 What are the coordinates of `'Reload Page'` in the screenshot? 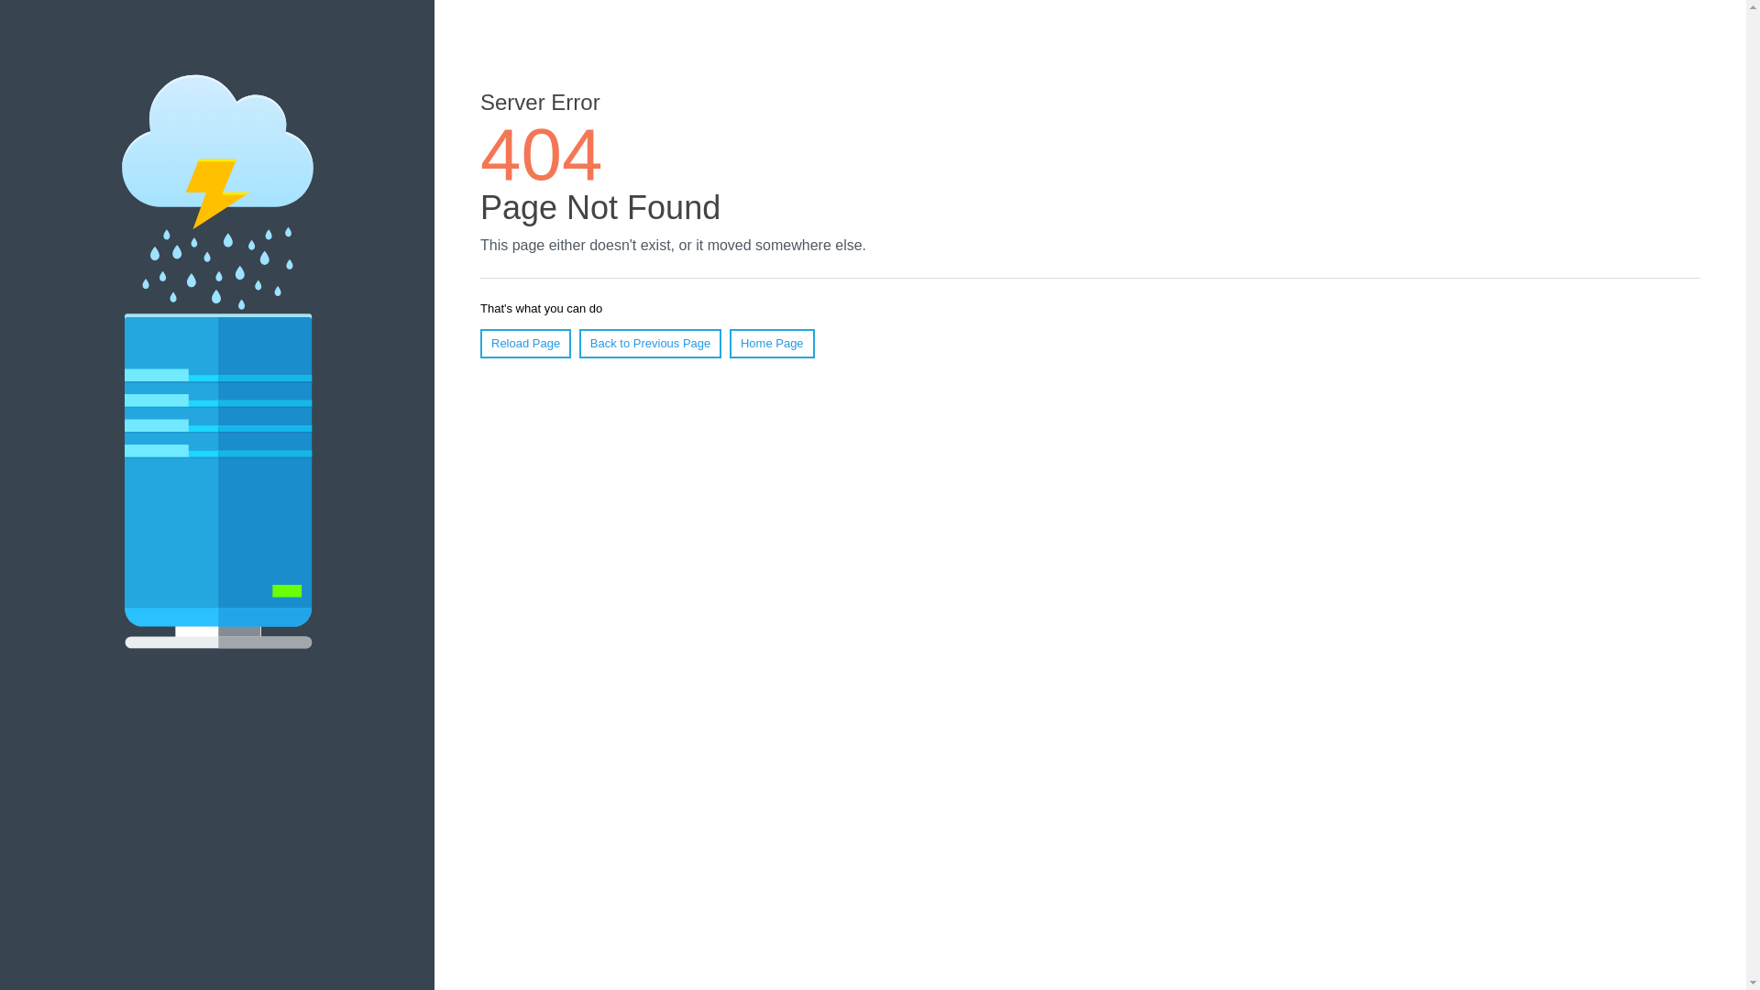 It's located at (524, 343).